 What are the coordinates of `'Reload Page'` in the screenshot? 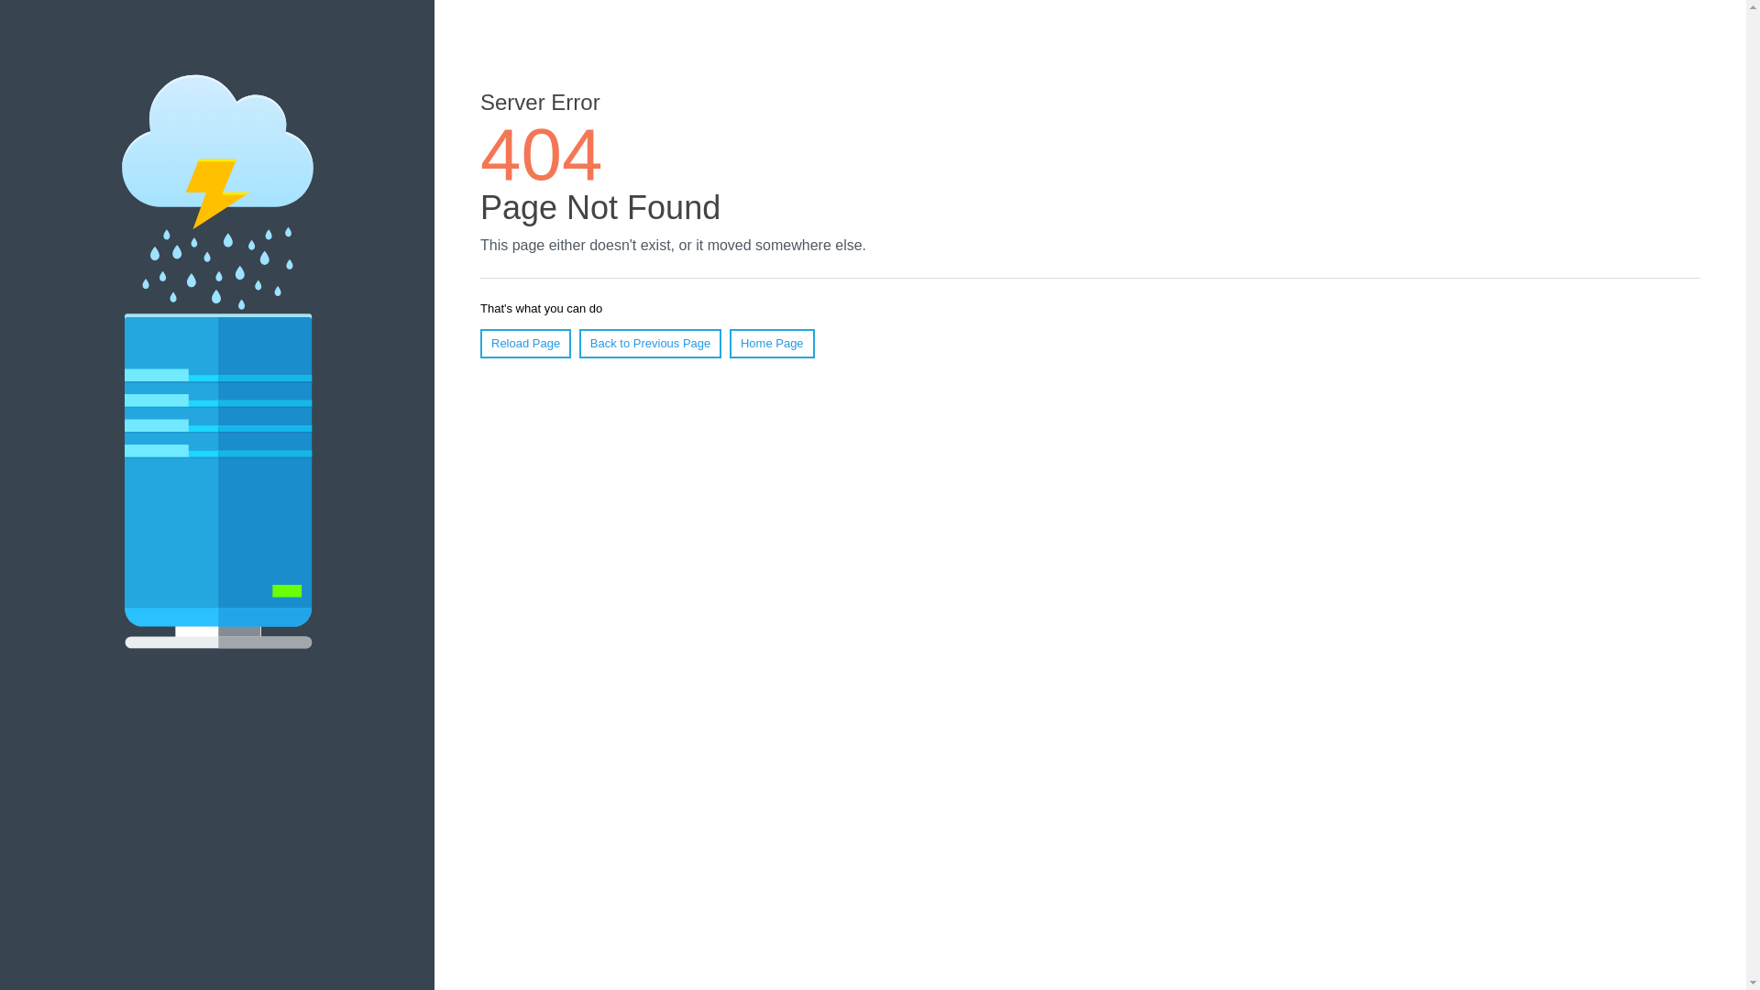 It's located at (524, 343).